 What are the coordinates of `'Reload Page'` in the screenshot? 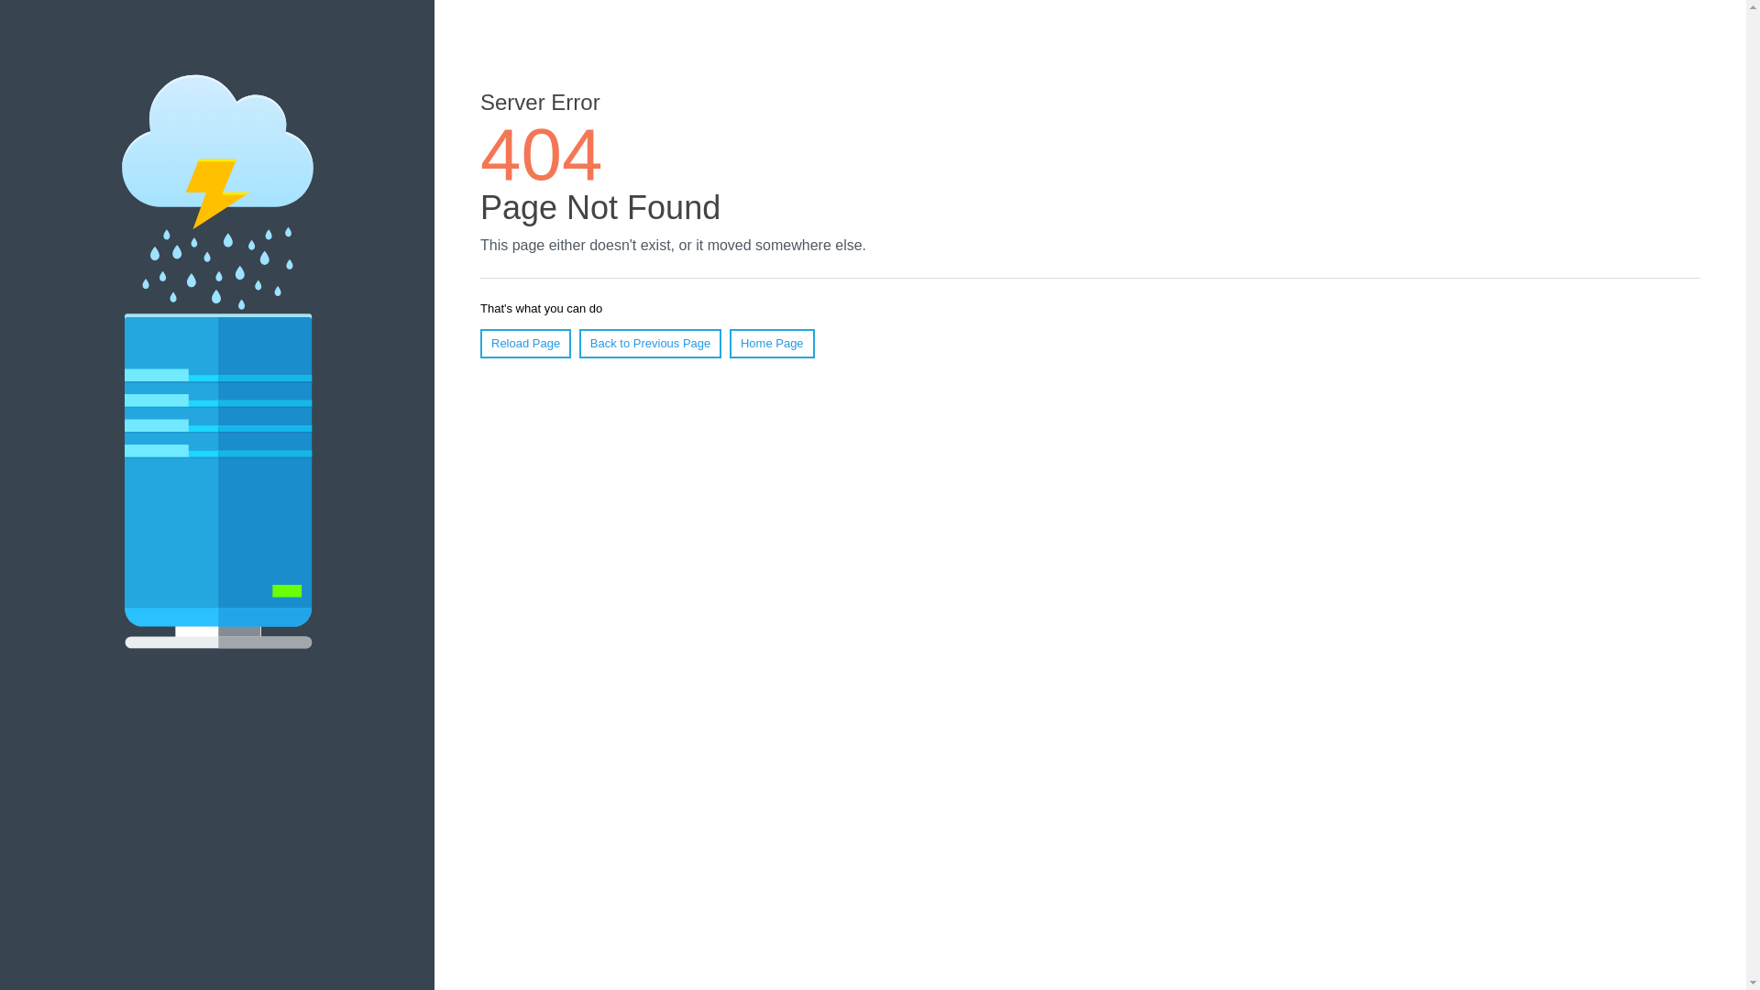 It's located at (524, 343).